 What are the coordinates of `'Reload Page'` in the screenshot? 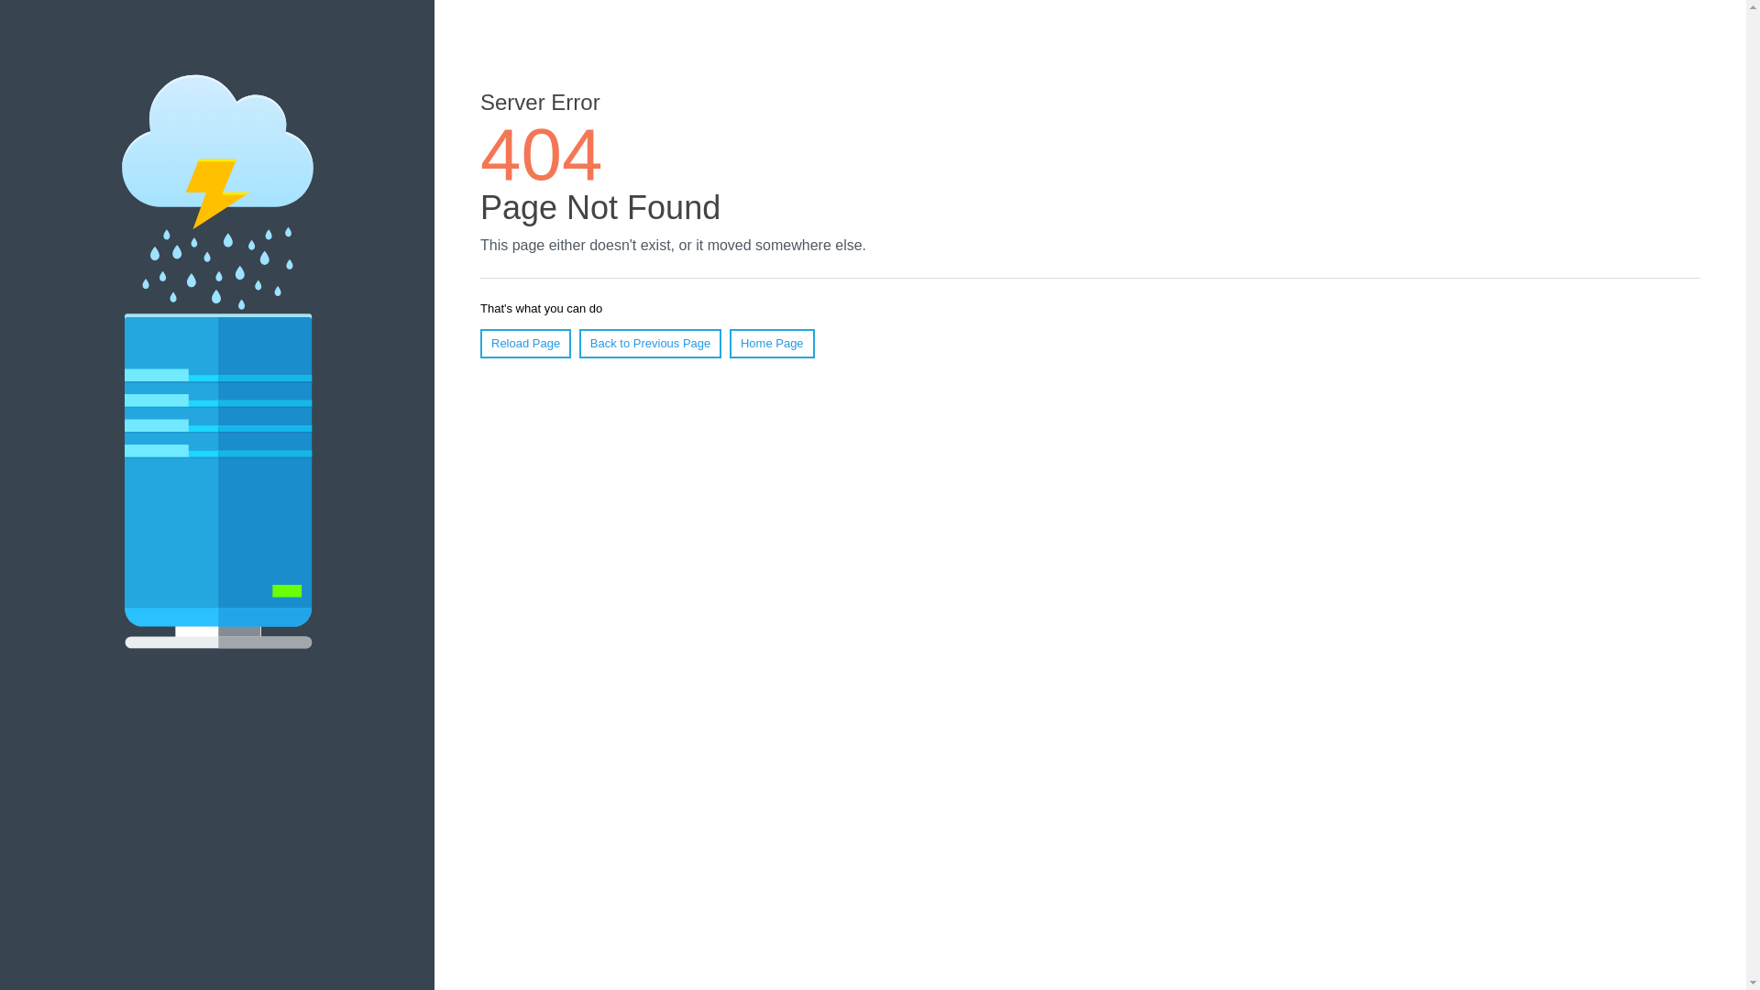 It's located at (524, 343).